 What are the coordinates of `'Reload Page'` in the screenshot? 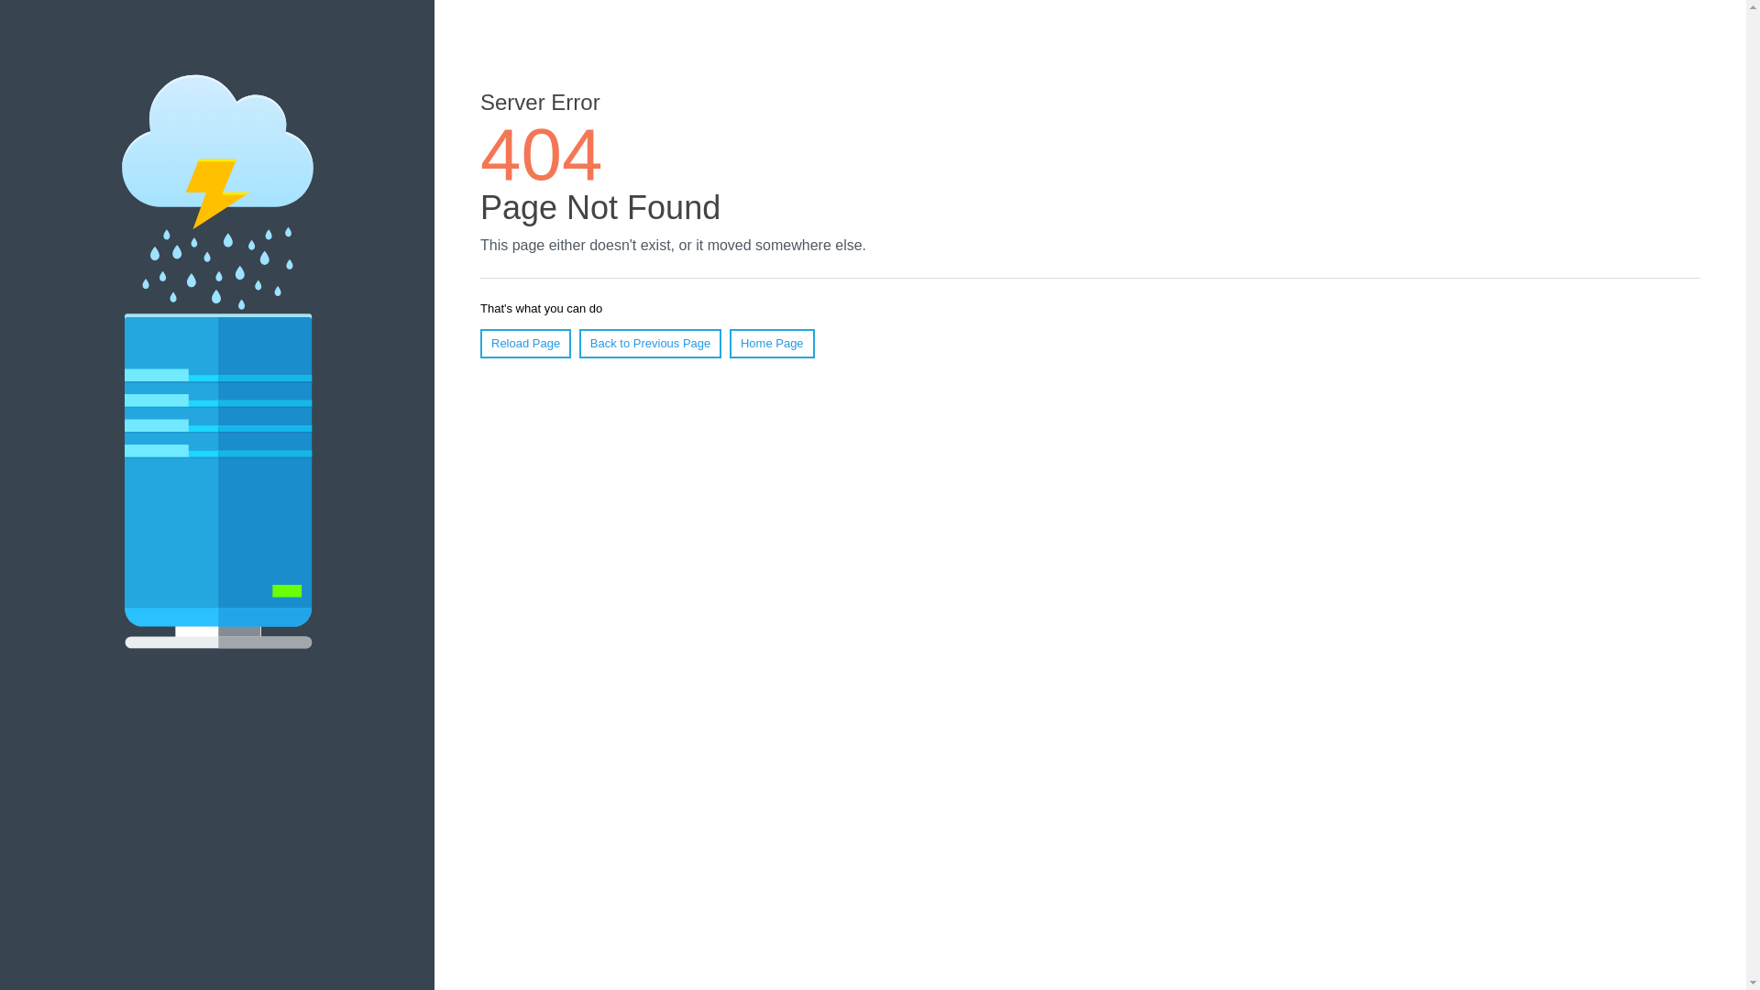 It's located at (524, 343).